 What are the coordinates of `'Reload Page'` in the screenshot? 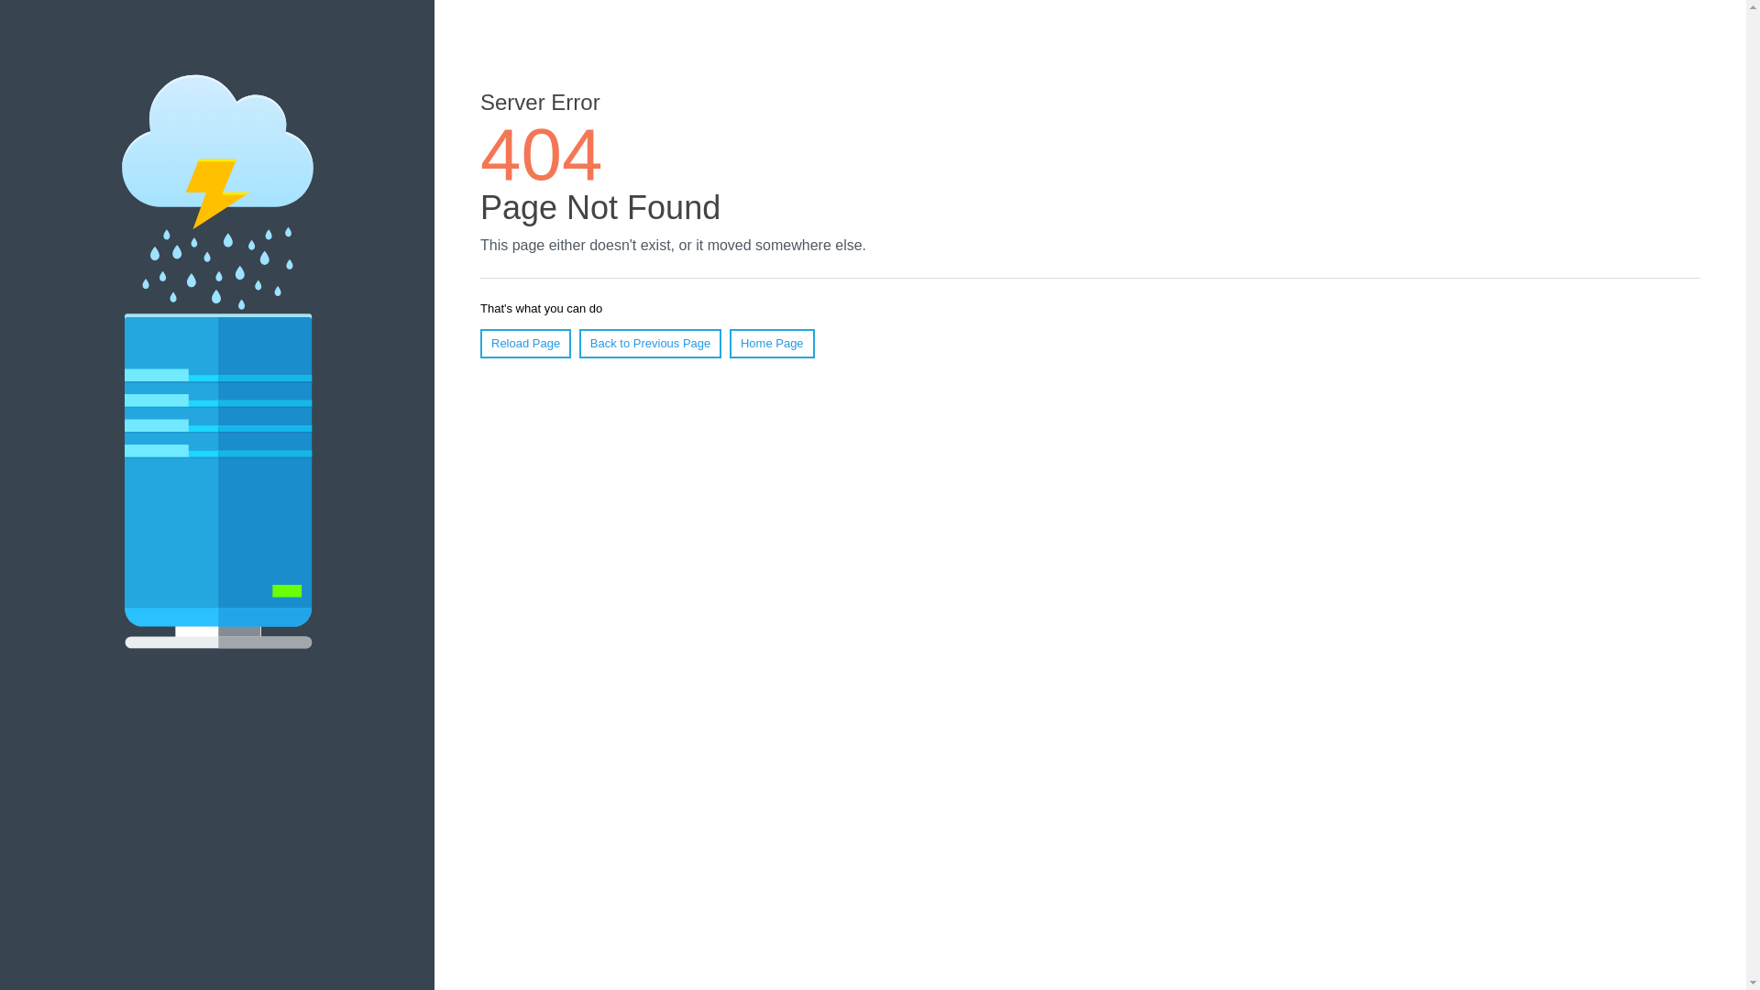 It's located at (524, 343).